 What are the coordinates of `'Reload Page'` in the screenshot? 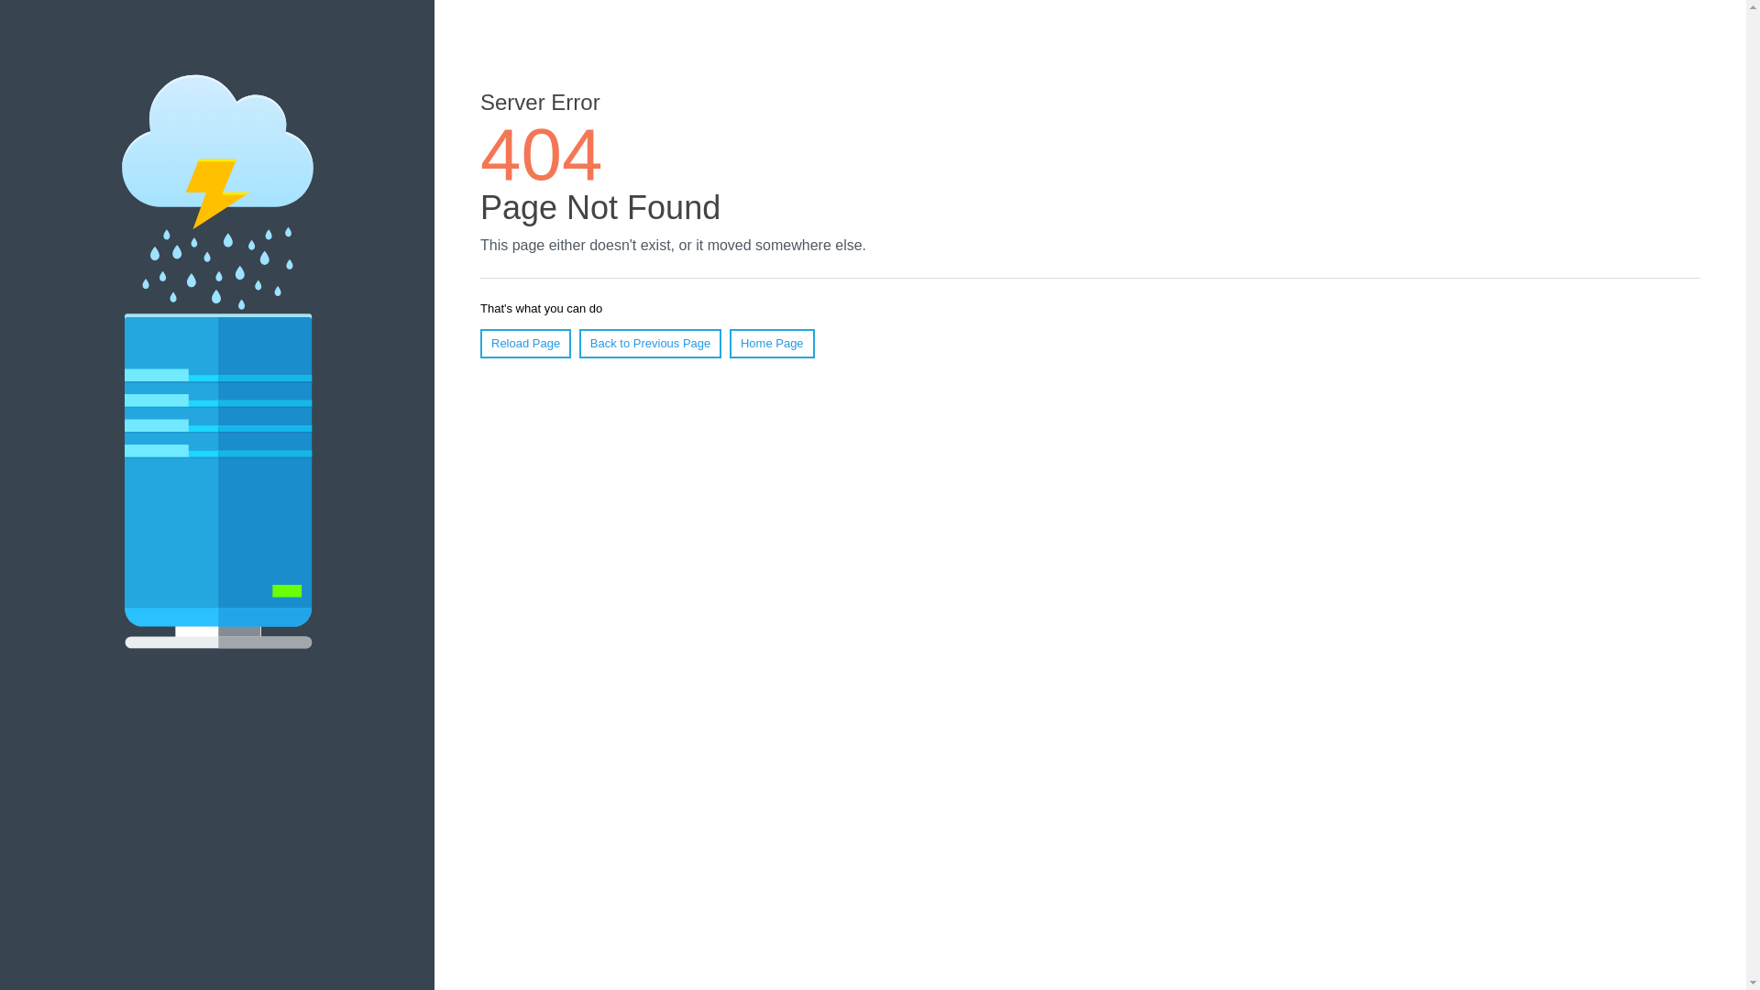 It's located at (524, 343).